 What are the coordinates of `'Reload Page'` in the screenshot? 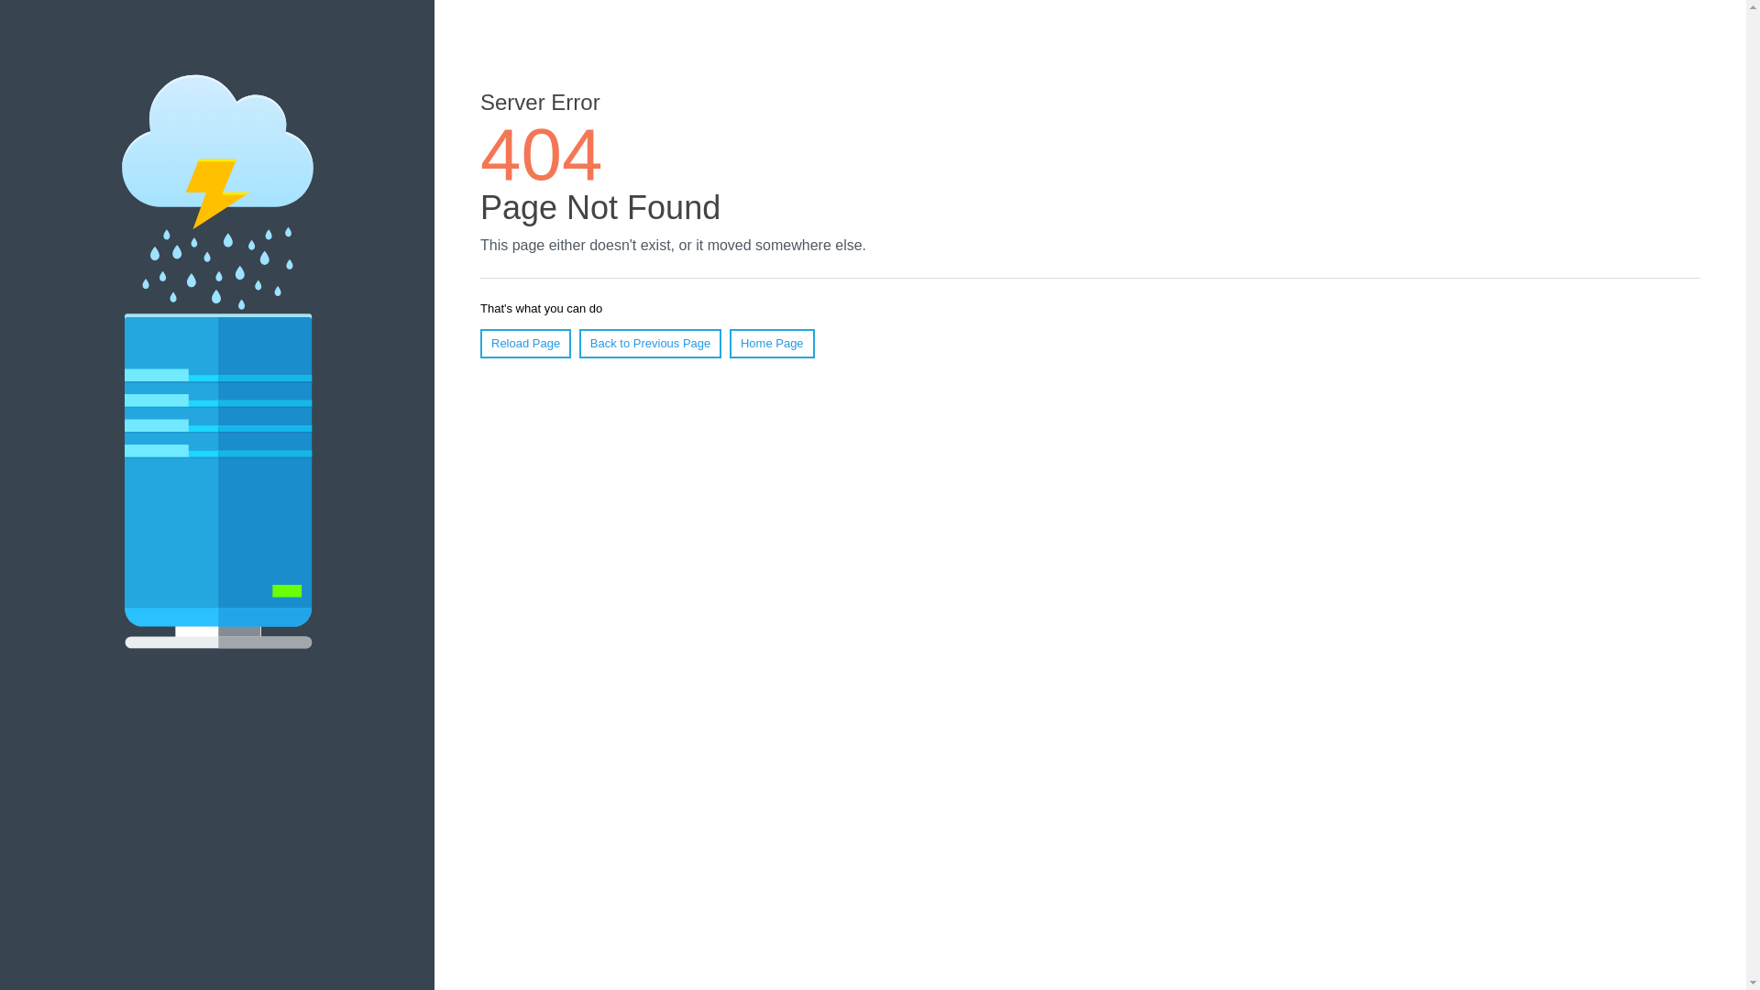 It's located at (524, 343).